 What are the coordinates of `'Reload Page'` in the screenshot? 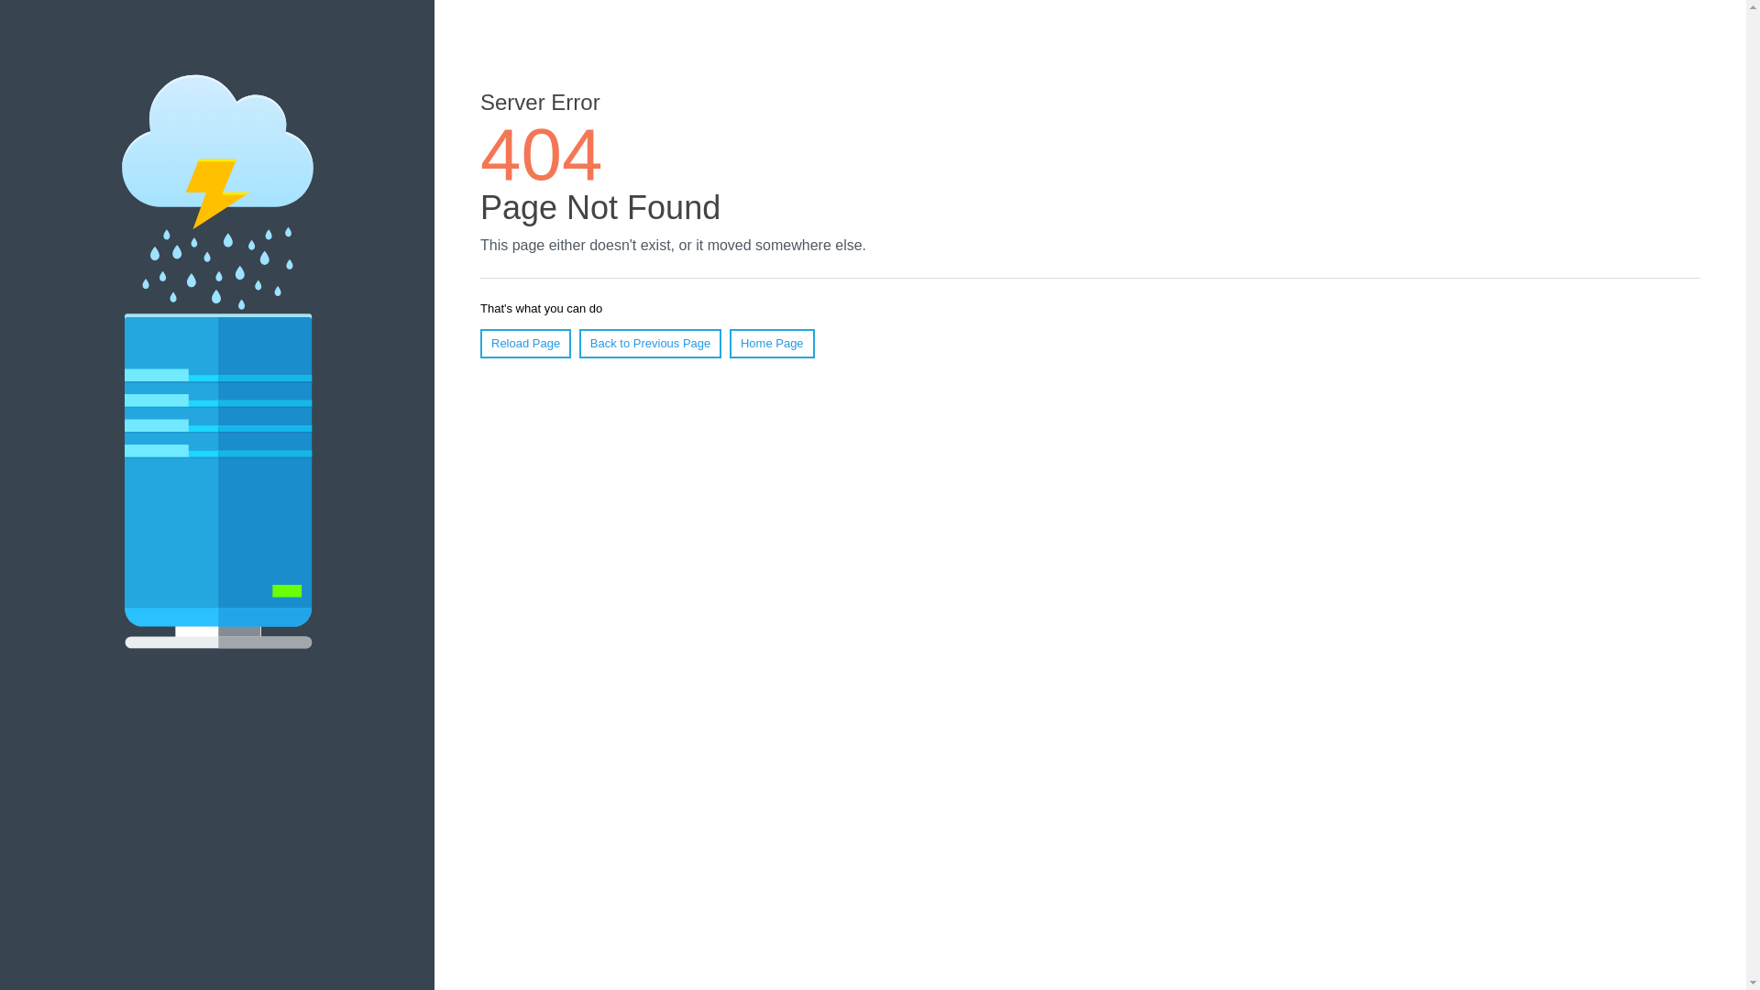 It's located at (524, 343).